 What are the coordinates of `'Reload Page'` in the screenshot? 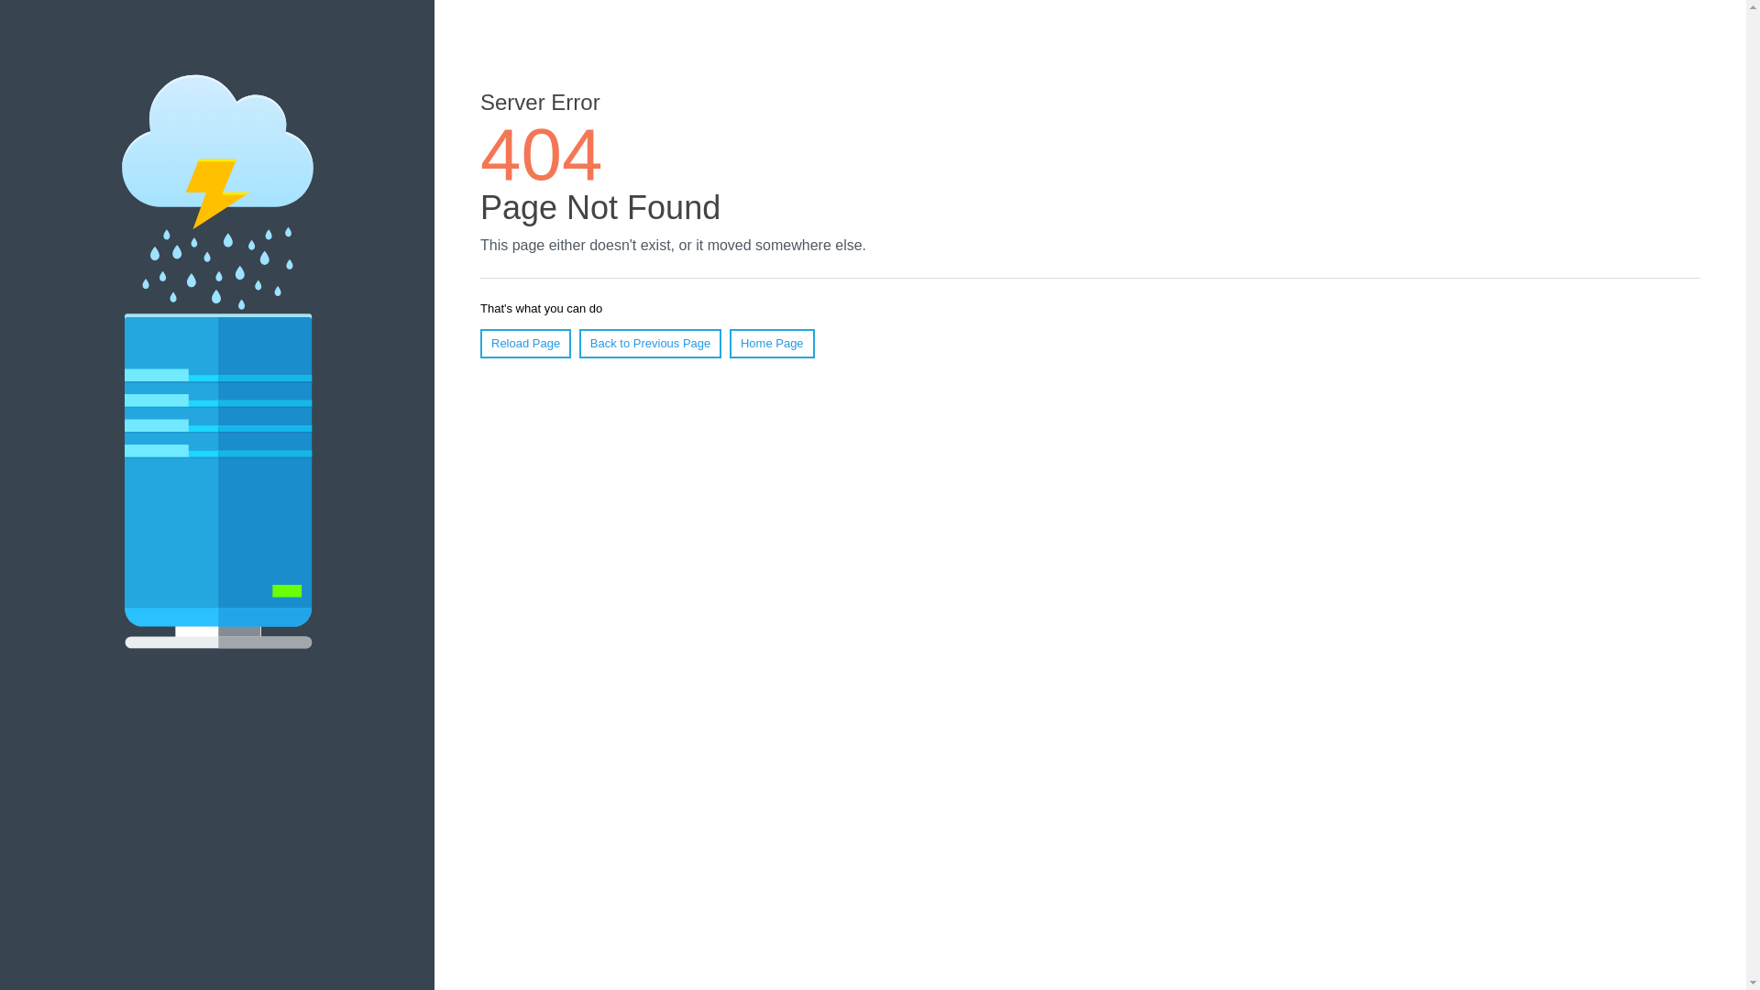 It's located at (524, 343).